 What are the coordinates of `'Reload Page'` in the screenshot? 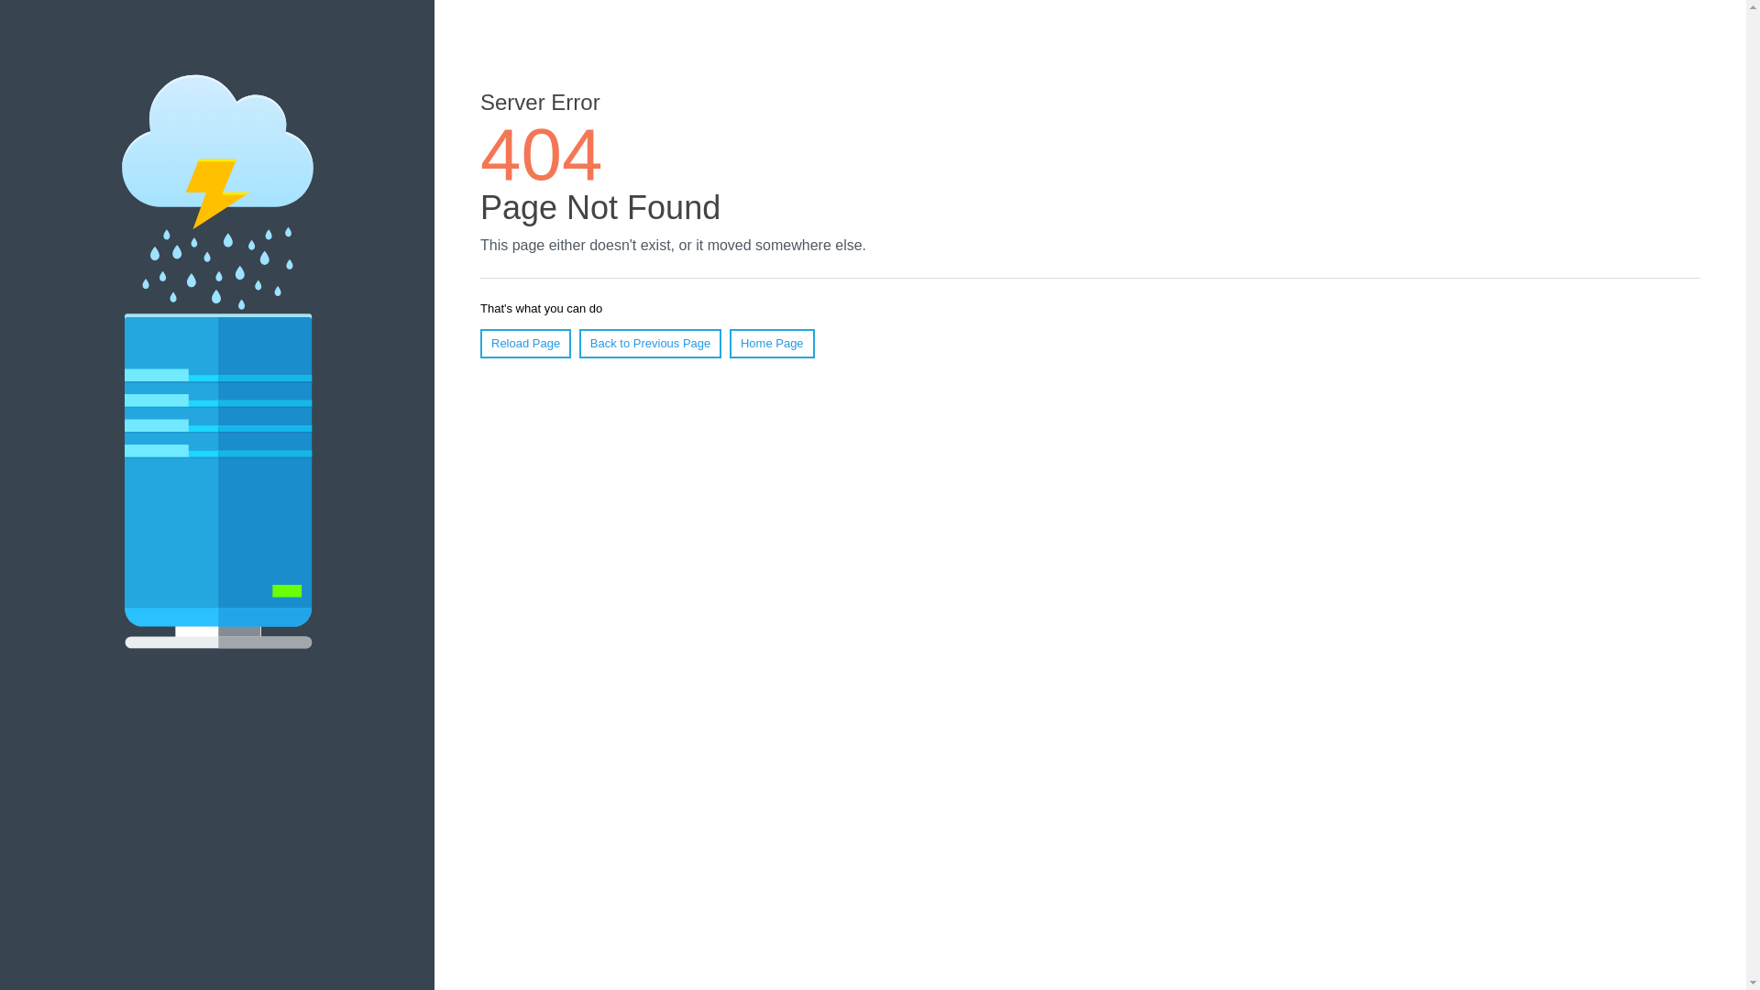 It's located at (524, 343).